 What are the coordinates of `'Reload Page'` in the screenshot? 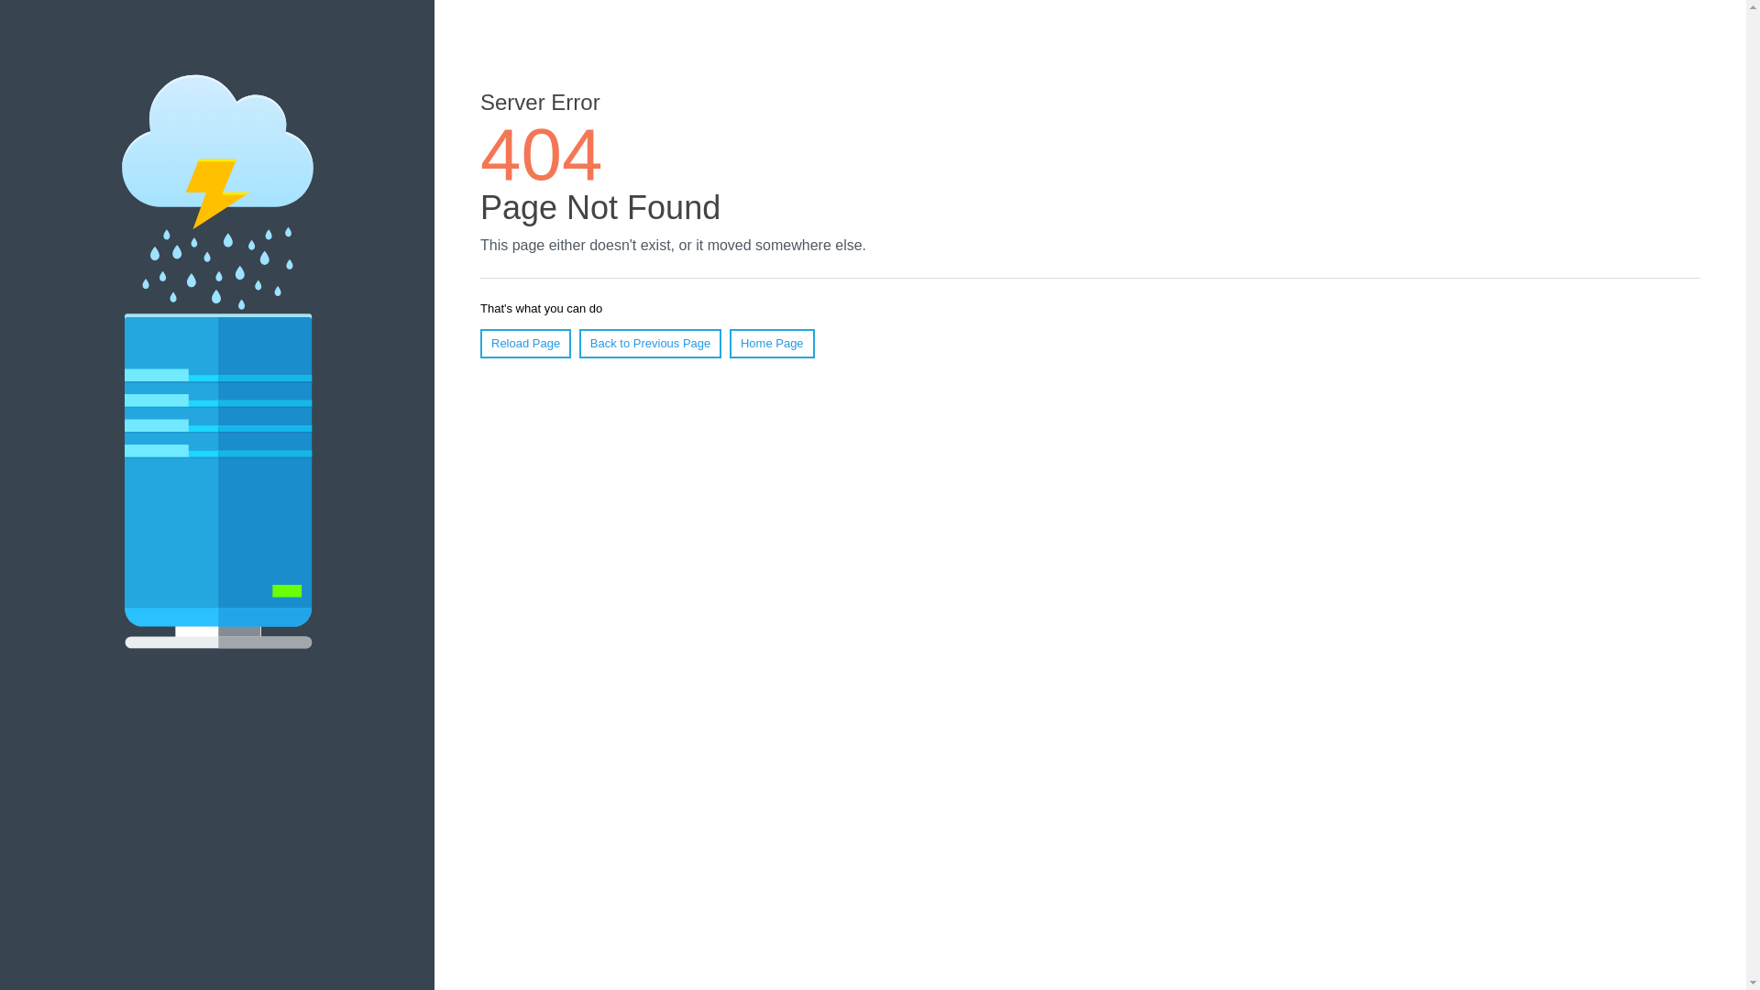 It's located at (524, 343).